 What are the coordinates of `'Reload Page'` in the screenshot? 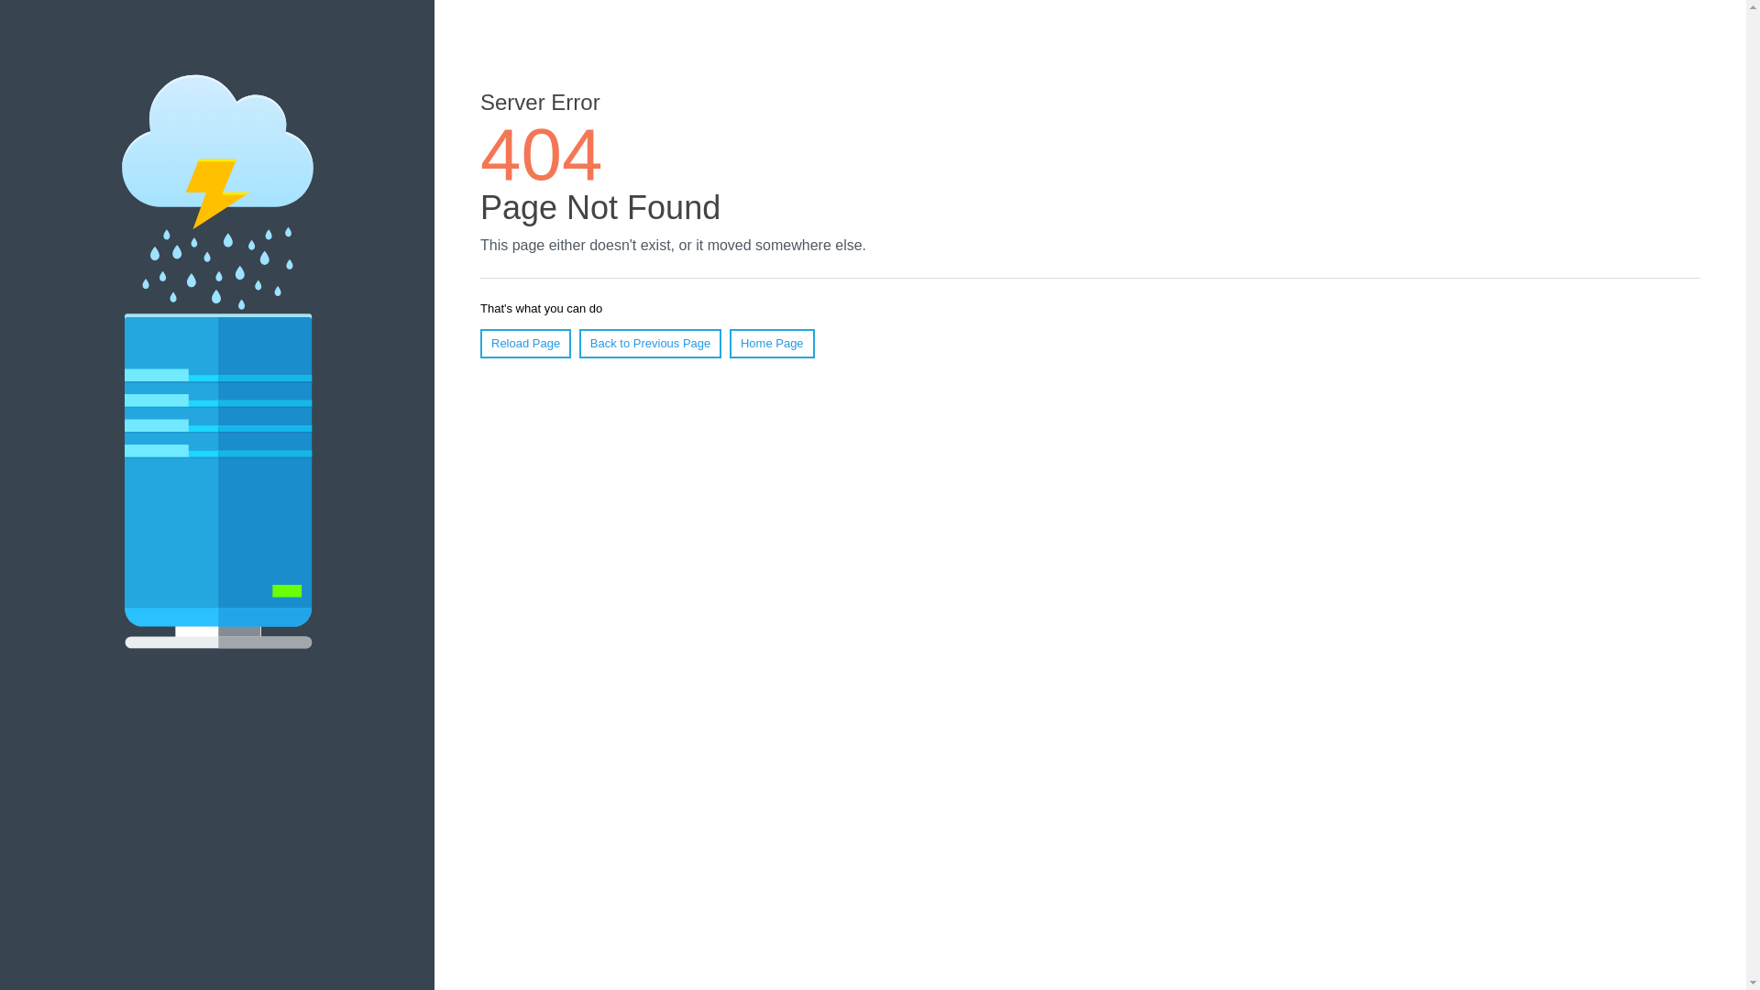 It's located at (524, 343).